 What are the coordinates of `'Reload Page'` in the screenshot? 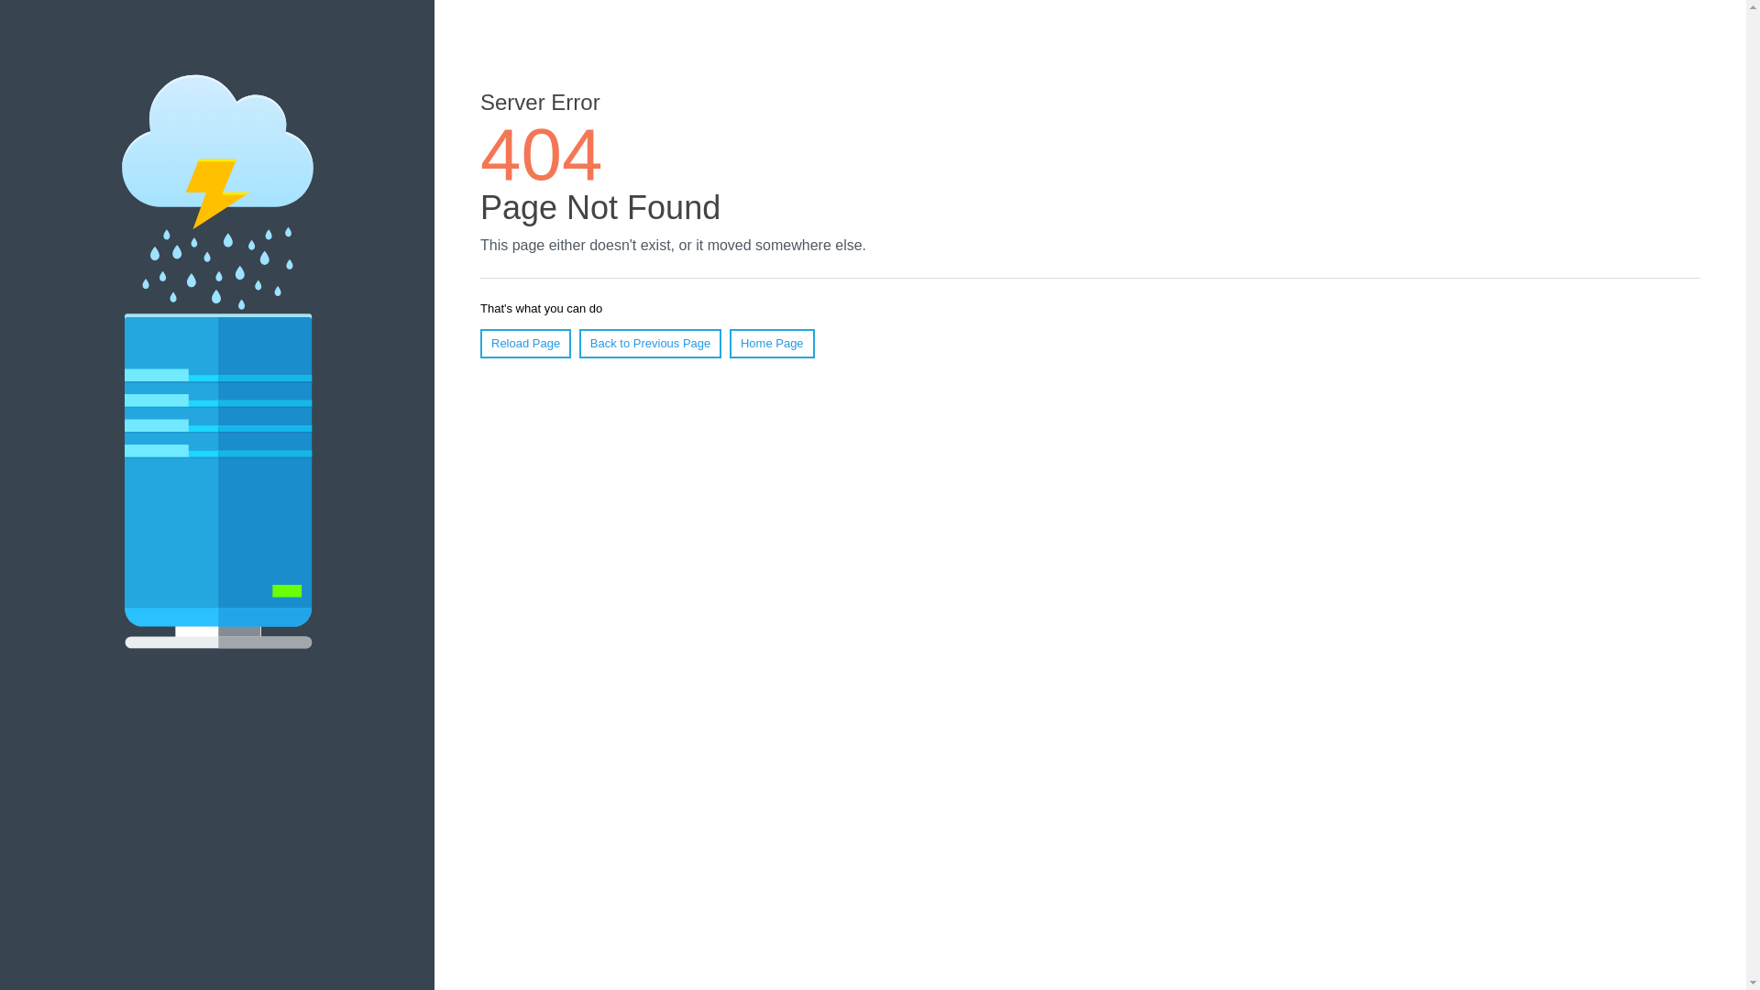 It's located at (524, 343).